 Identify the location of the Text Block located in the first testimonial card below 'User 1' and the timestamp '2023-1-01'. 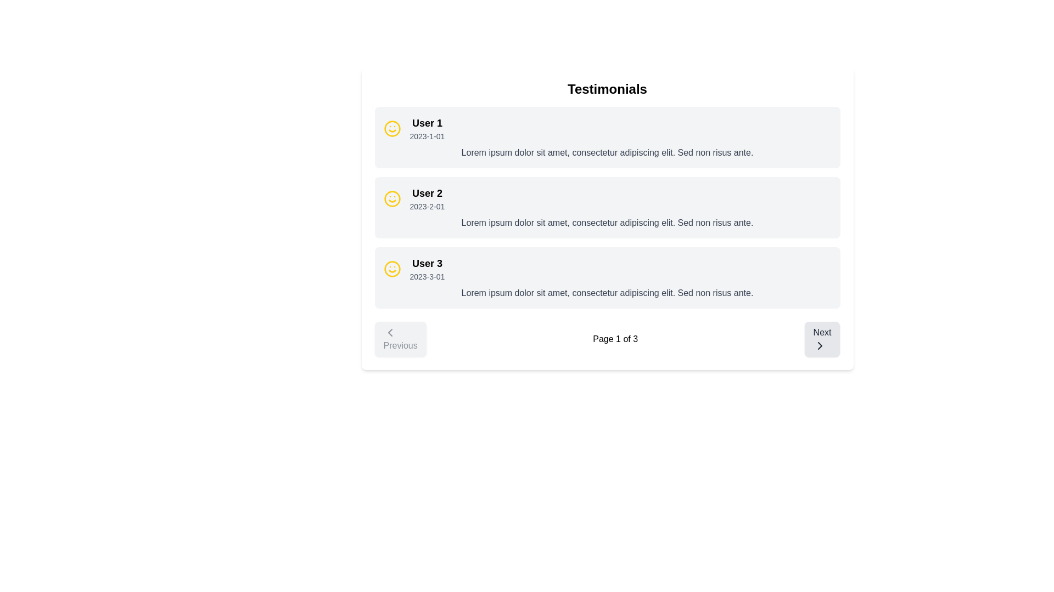
(607, 152).